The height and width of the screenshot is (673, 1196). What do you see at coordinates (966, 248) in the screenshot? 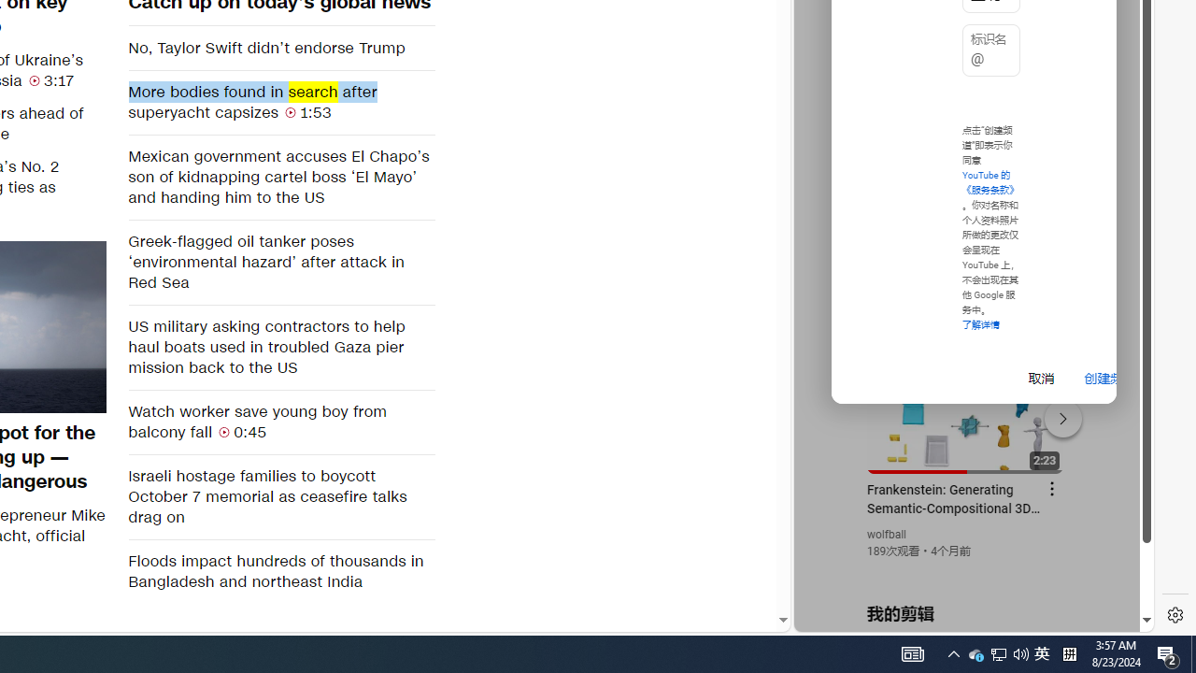
I see `'YouTube - YouTube'` at bounding box center [966, 248].